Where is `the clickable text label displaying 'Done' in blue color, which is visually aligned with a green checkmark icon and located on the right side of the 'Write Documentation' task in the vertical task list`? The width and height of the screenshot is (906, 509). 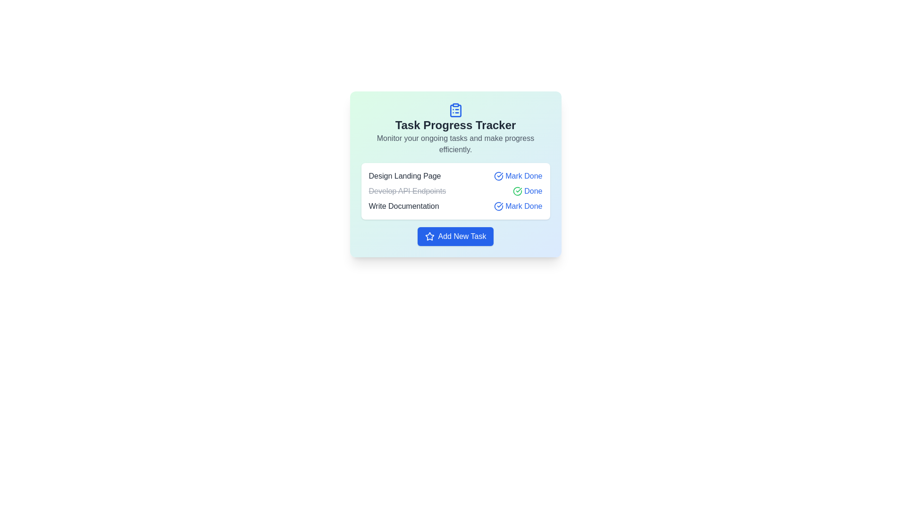 the clickable text label displaying 'Done' in blue color, which is visually aligned with a green checkmark icon and located on the right side of the 'Write Documentation' task in the vertical task list is located at coordinates (533, 191).